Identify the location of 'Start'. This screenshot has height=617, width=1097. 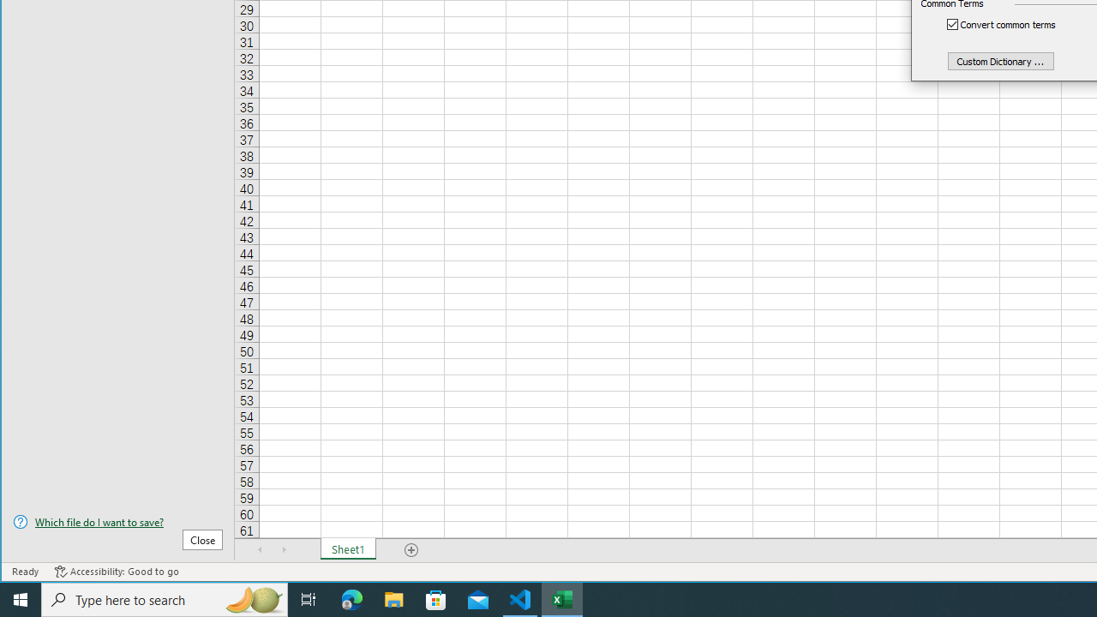
(21, 598).